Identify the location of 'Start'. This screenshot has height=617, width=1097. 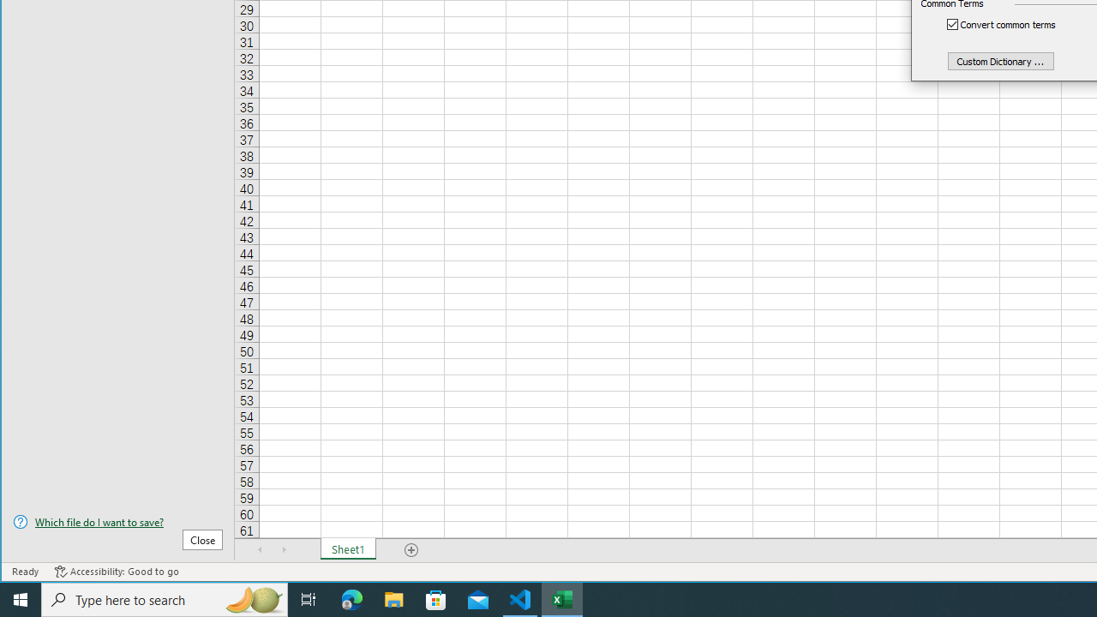
(21, 598).